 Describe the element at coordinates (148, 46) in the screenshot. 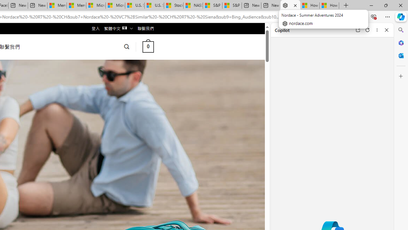

I see `' 0 '` at that location.